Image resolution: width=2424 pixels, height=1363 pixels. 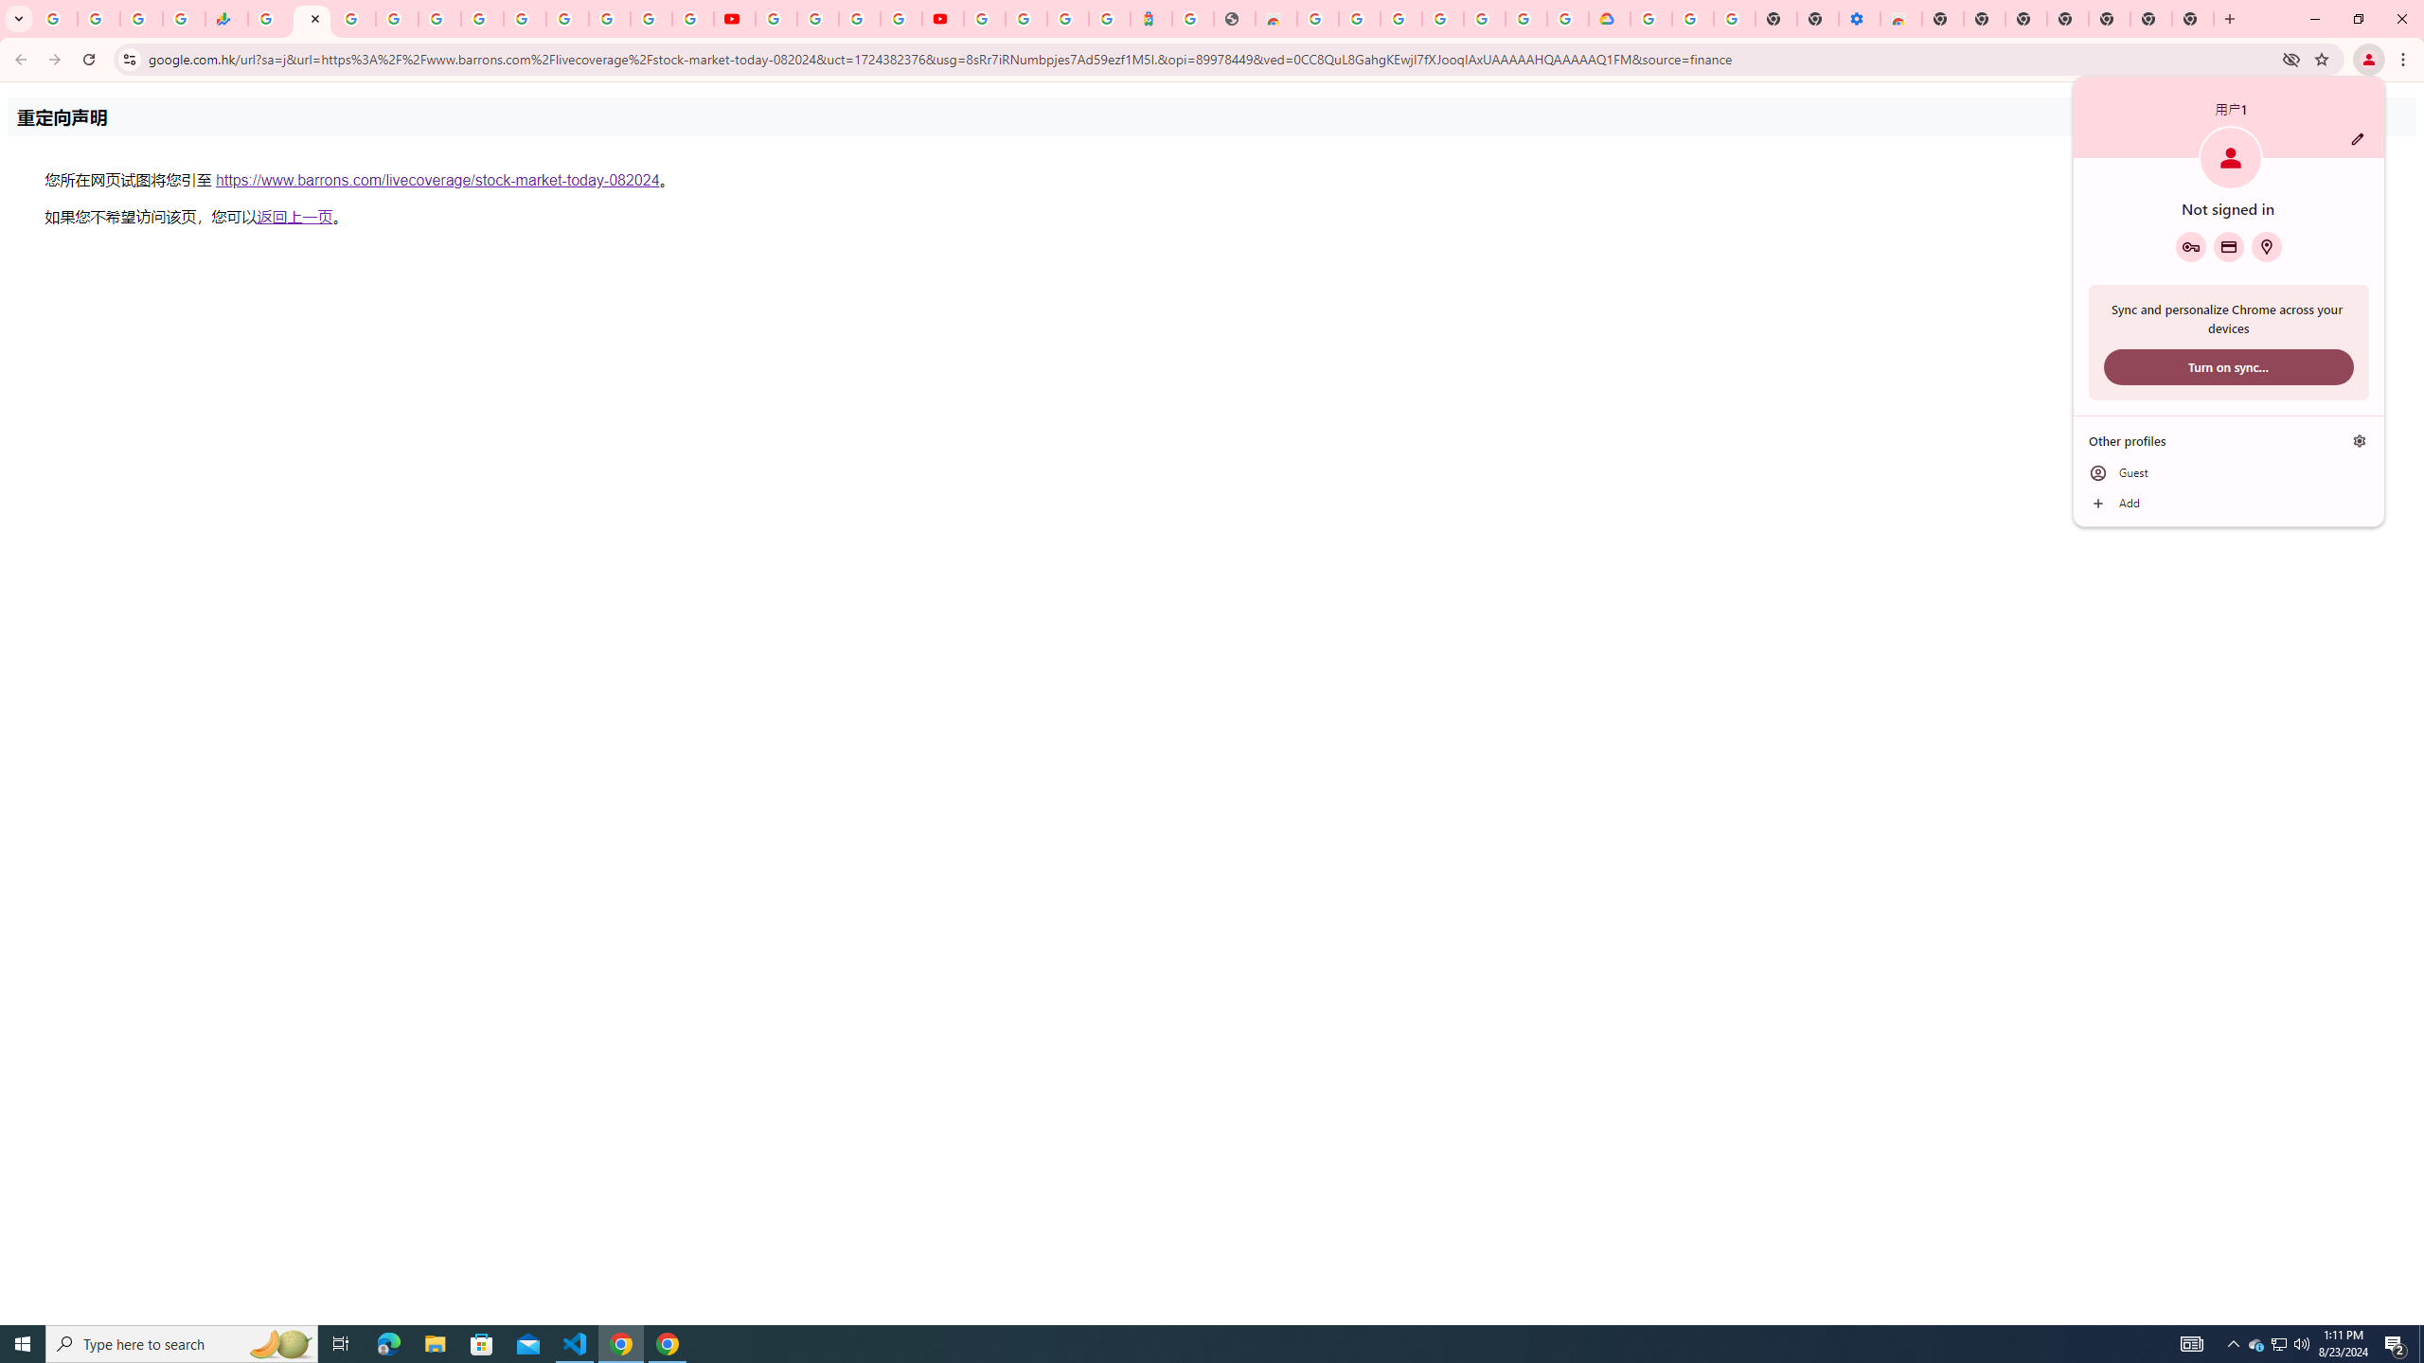 What do you see at coordinates (482, 1342) in the screenshot?
I see `'Microsoft Store'` at bounding box center [482, 1342].